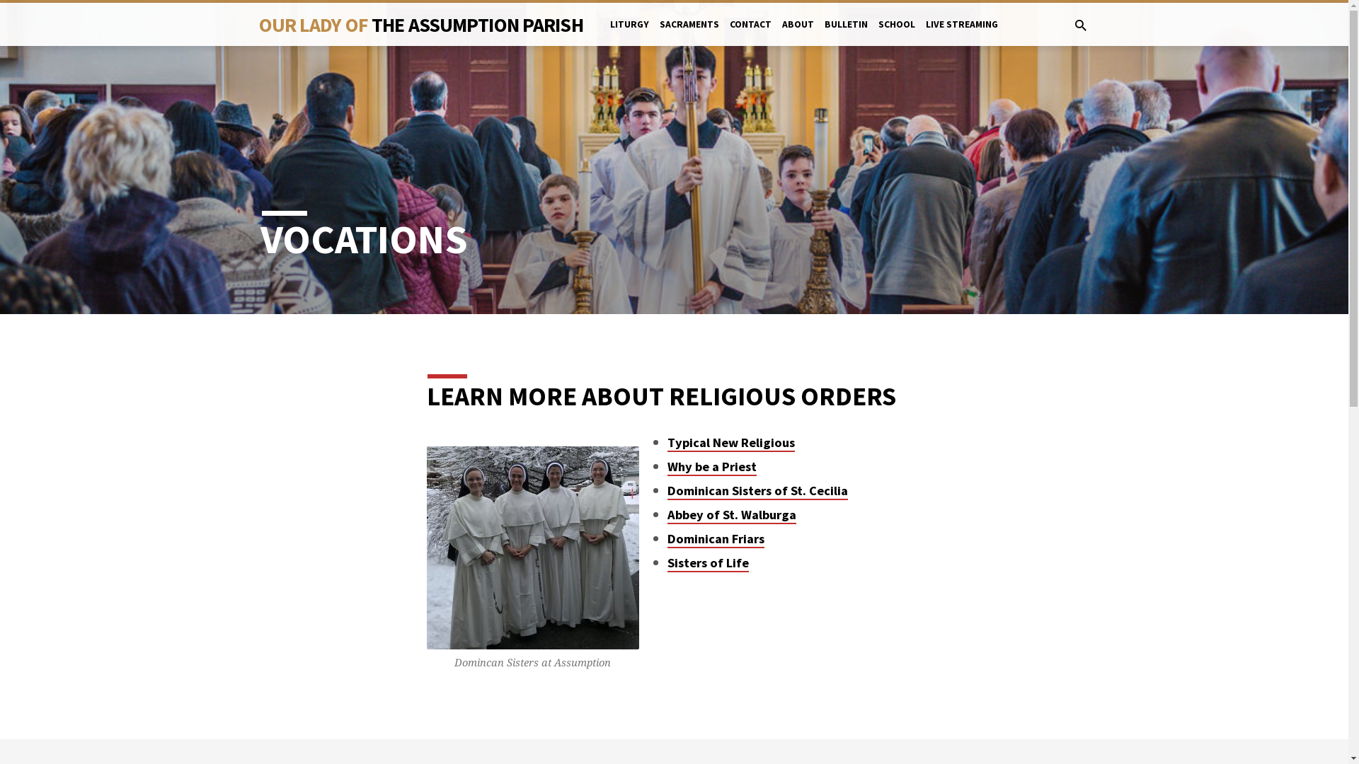  What do you see at coordinates (781, 33) in the screenshot?
I see `'ABOUT'` at bounding box center [781, 33].